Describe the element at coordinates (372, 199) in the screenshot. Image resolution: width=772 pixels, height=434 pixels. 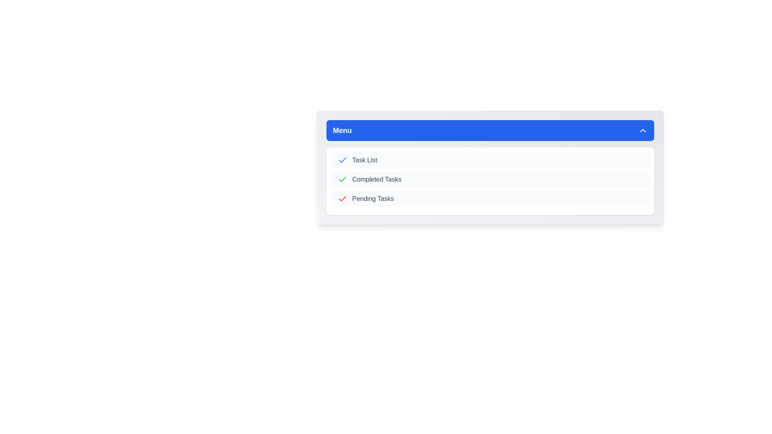
I see `the 'Pending Tasks' text label that is displayed in a medium gray font as part of a menu interface, positioned as the third item in a vertical list` at that location.